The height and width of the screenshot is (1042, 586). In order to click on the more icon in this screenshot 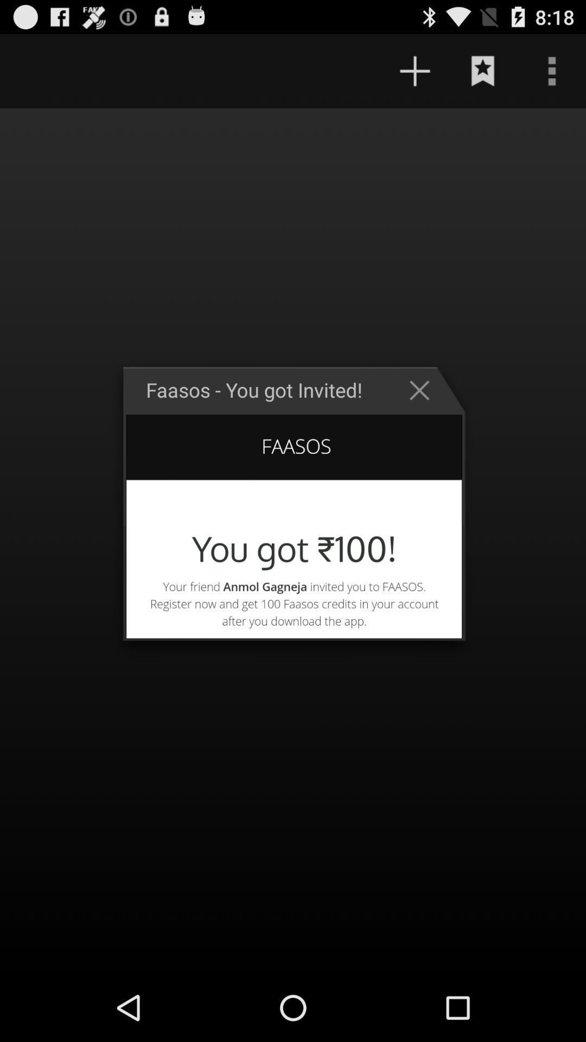, I will do `click(552, 75)`.